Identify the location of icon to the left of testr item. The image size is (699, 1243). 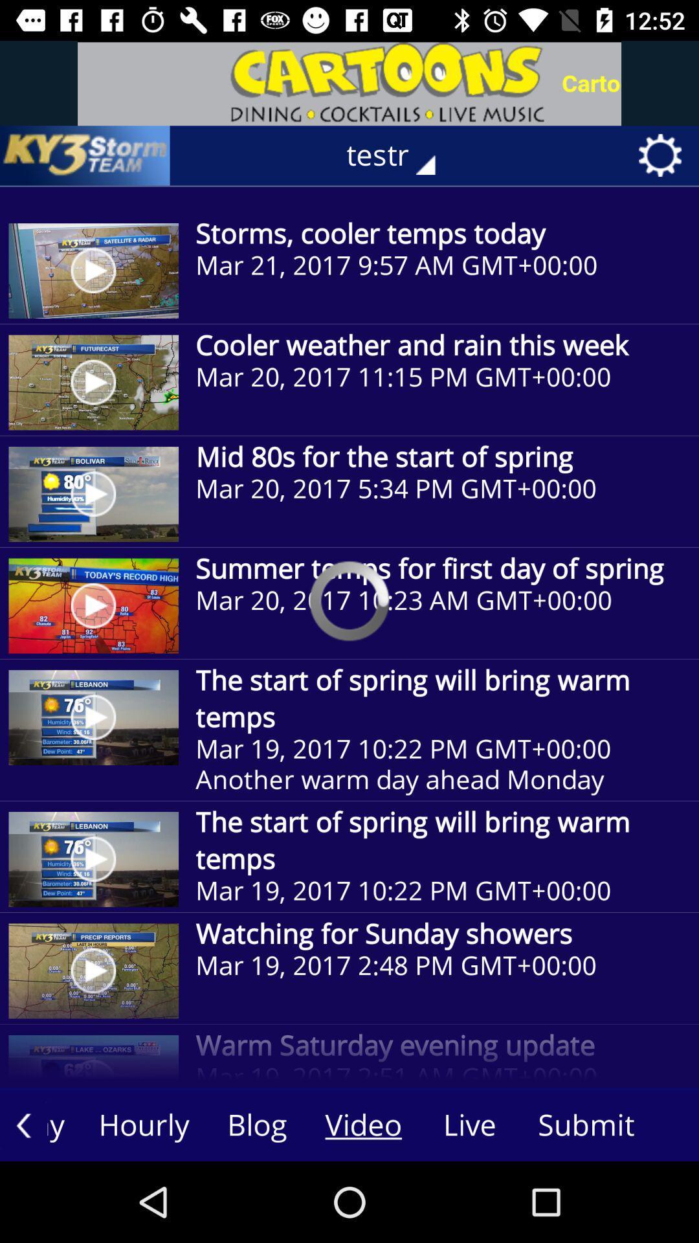
(85, 155).